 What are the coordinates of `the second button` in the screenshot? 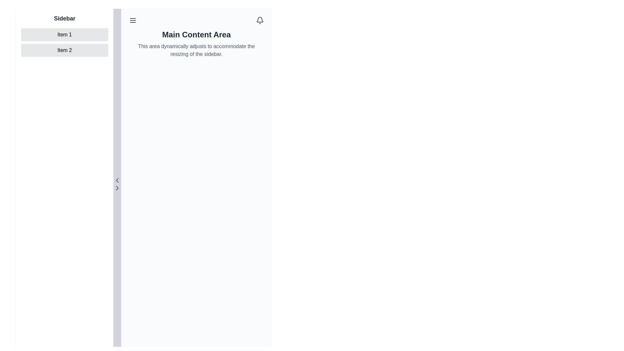 It's located at (64, 50).